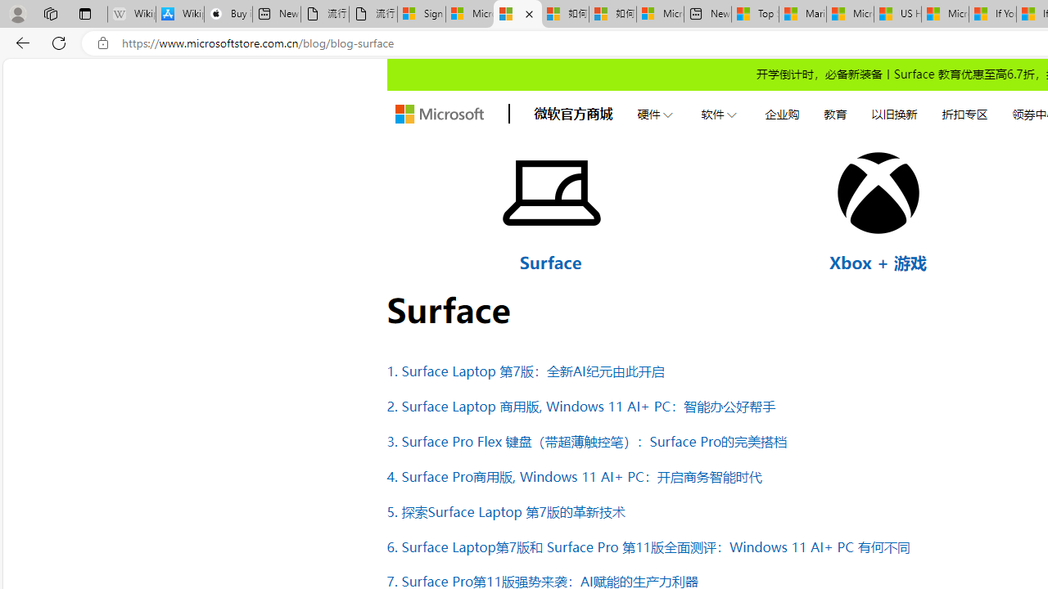 Image resolution: width=1048 pixels, height=589 pixels. Describe the element at coordinates (550, 261) in the screenshot. I see `'Surface'` at that location.